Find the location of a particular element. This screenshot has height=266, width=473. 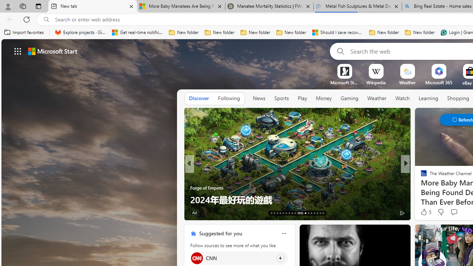

'AutomationID: tab-13' is located at coordinates (271, 213).